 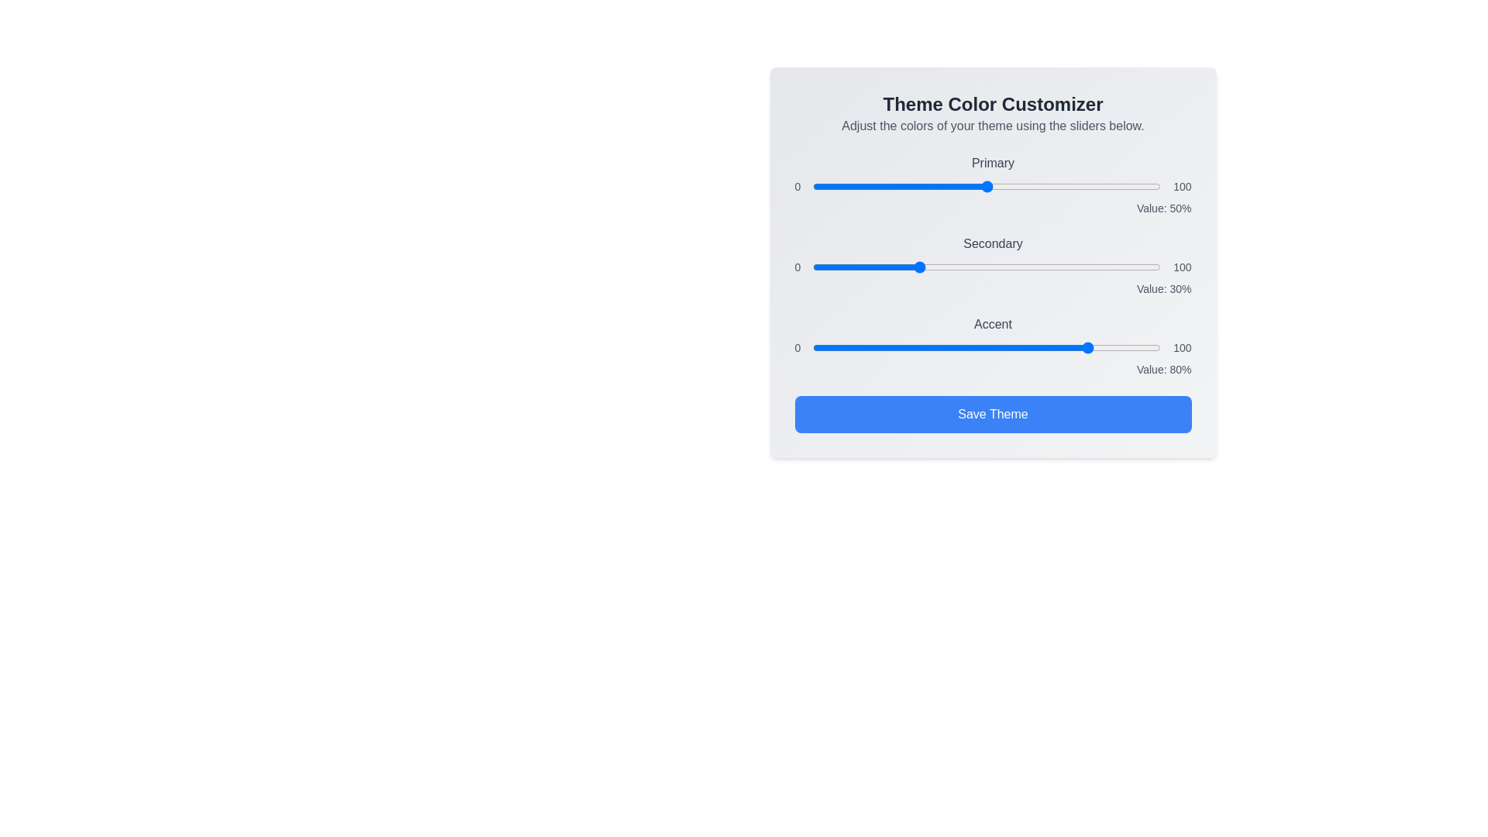 I want to click on the 'Primary' color slider to 19%, so click(x=879, y=185).